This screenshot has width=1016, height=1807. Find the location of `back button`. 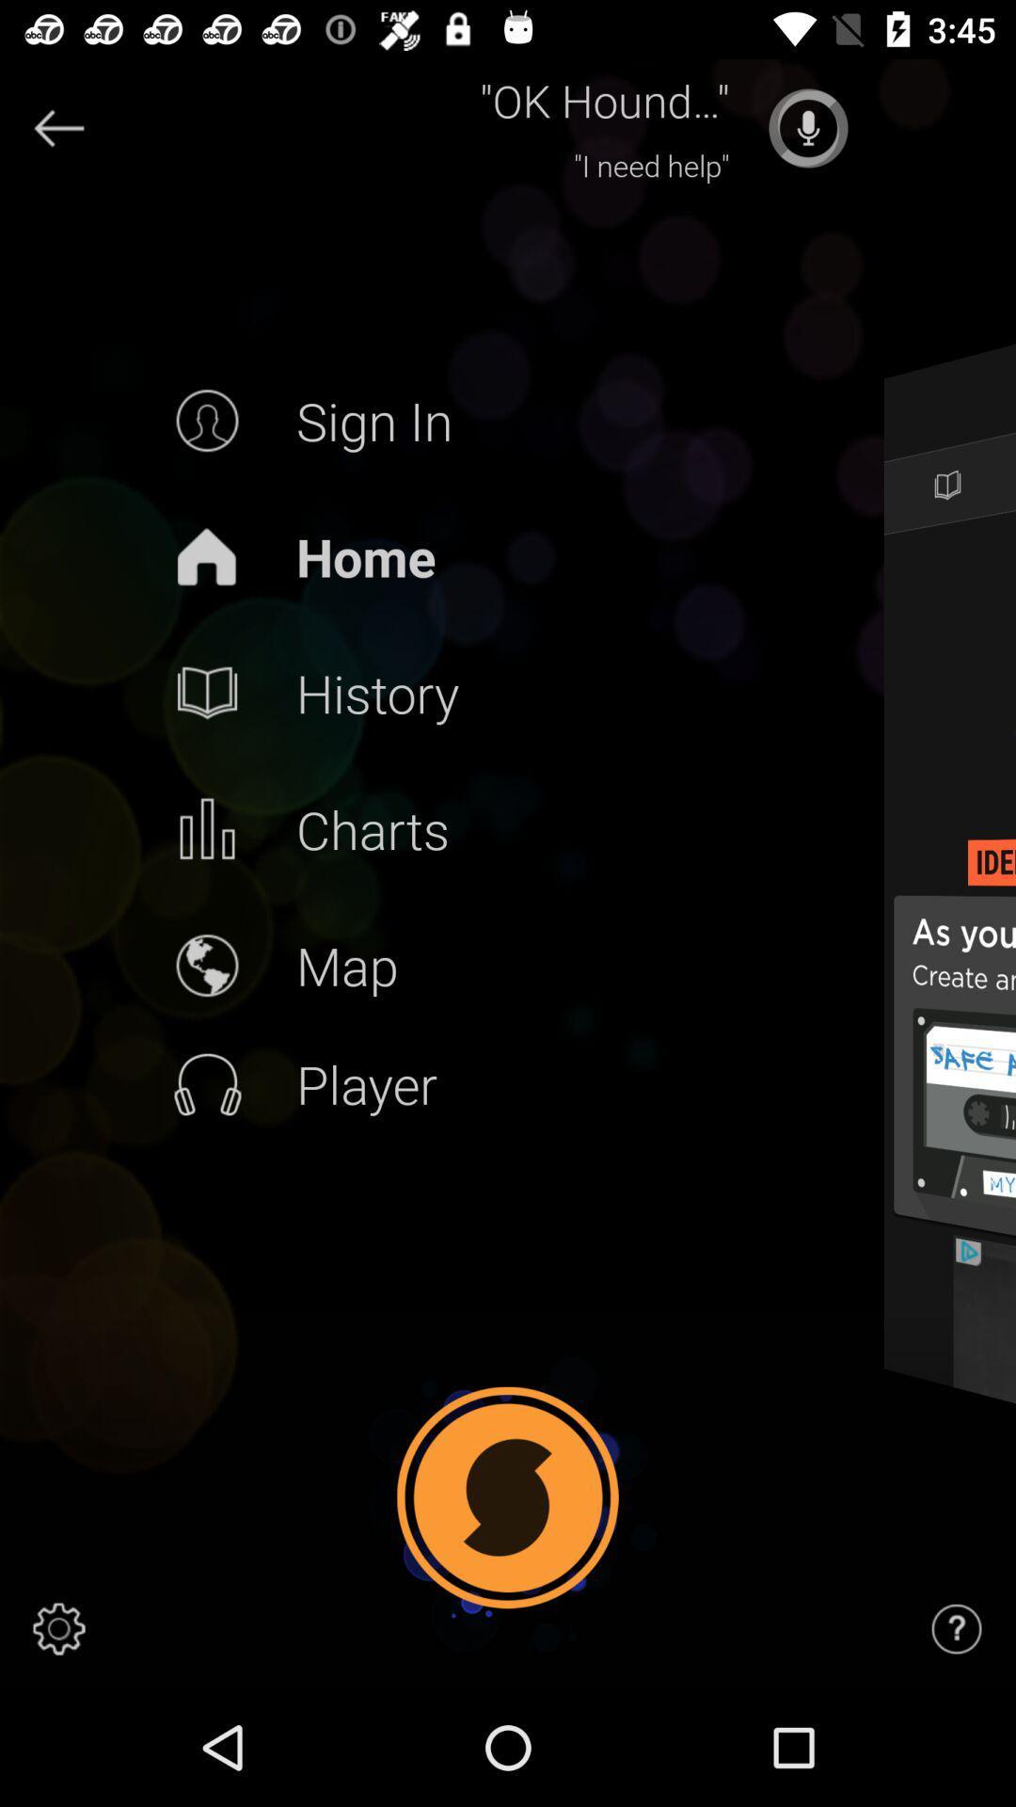

back button is located at coordinates (57, 127).